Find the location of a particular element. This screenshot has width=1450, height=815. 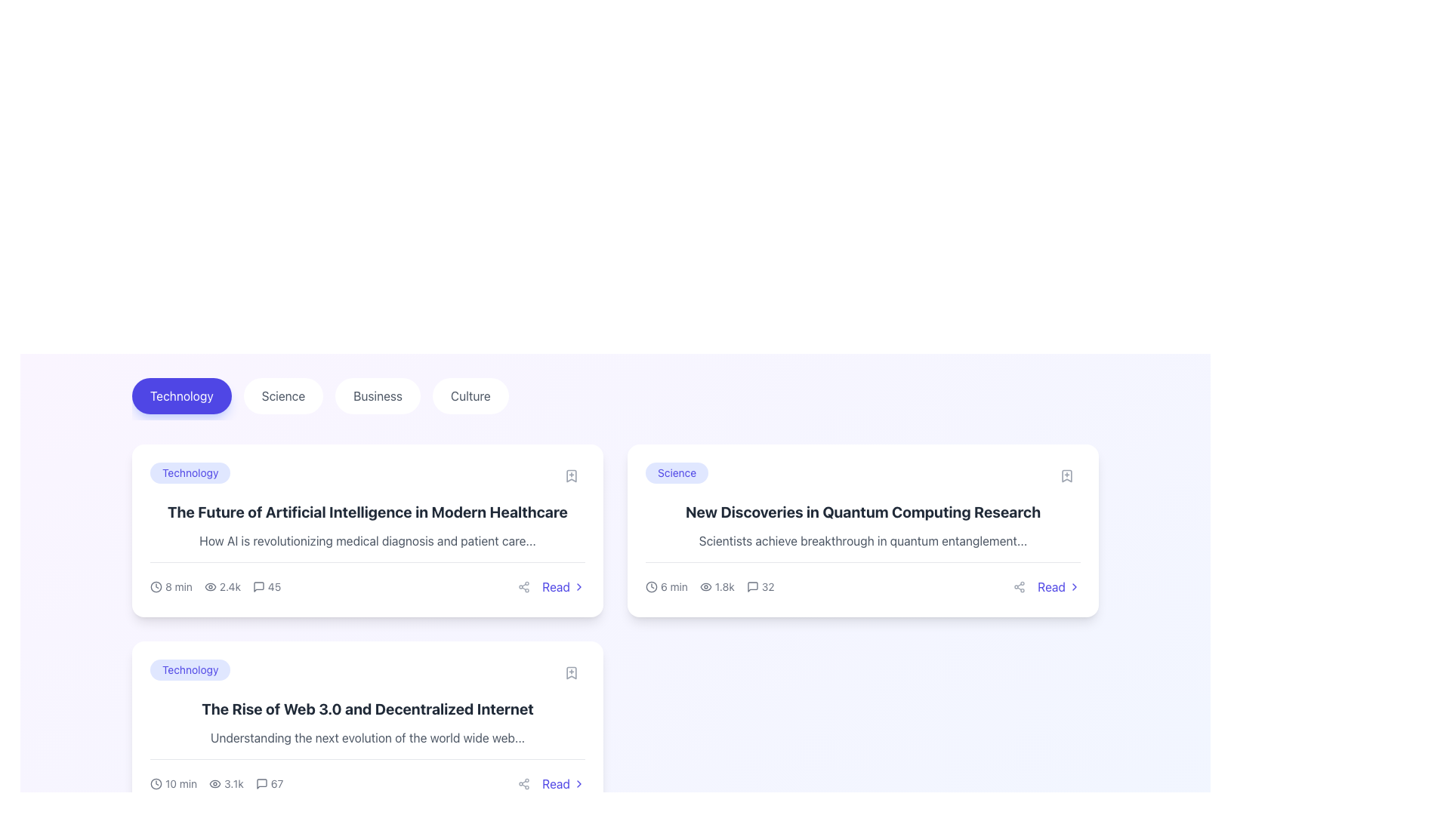

metrics displayed on the Composite data display element located in the bottom-left section of the first card, which includes '8 min' with a clock icon, '2.4k' with an eye icon, and '45' with a comment icon is located at coordinates (214, 586).